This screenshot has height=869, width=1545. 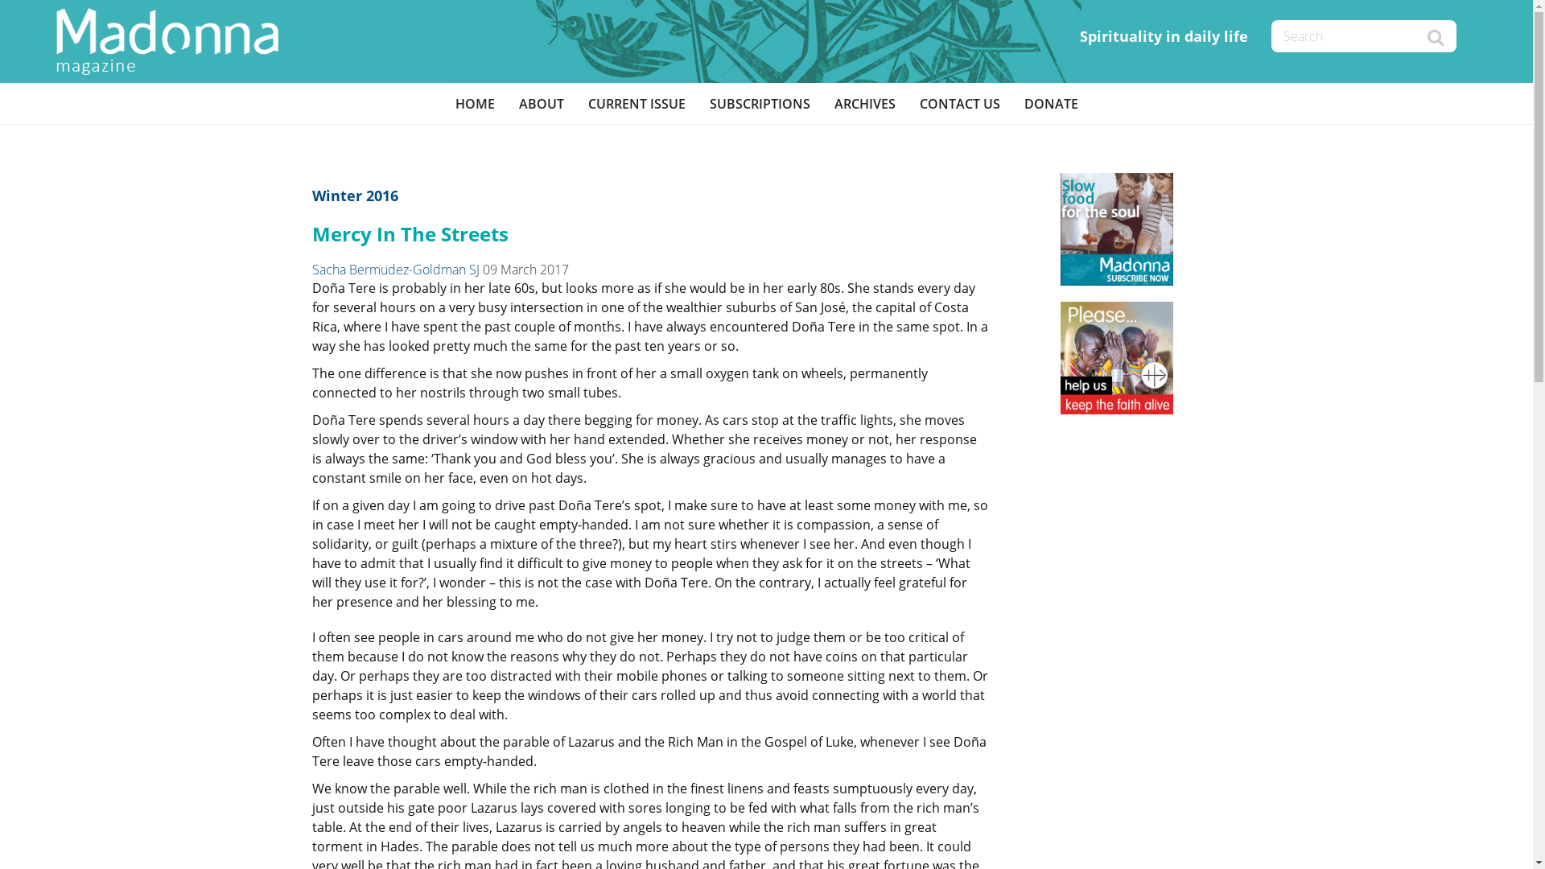 I want to click on 'SUBSCRIPTIONS', so click(x=758, y=103).